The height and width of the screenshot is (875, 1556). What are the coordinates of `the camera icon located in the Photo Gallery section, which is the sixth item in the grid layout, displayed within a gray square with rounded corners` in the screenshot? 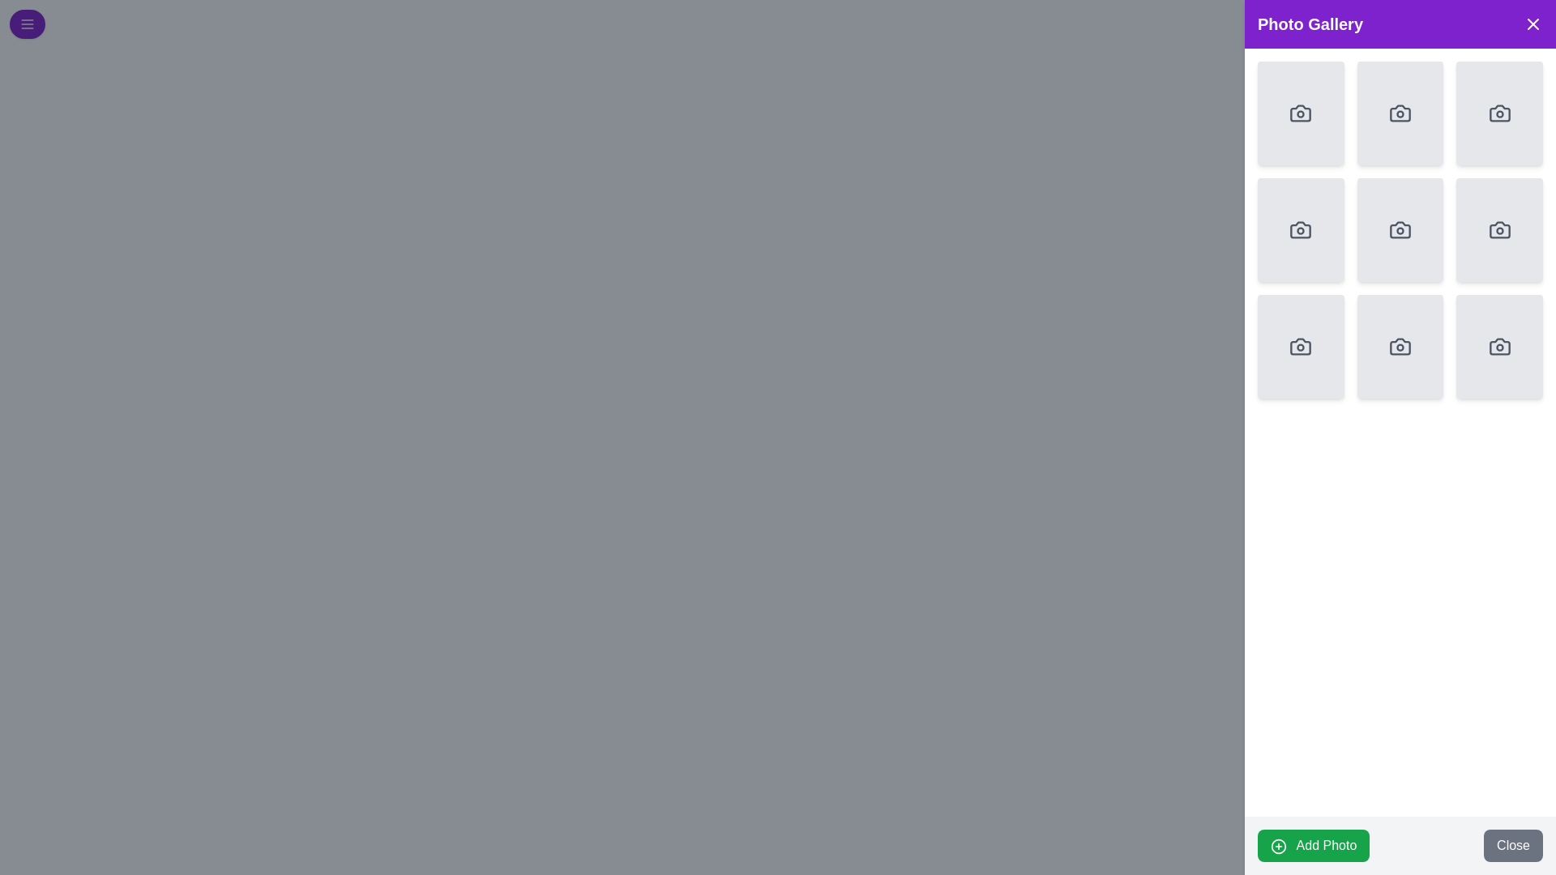 It's located at (1498, 230).